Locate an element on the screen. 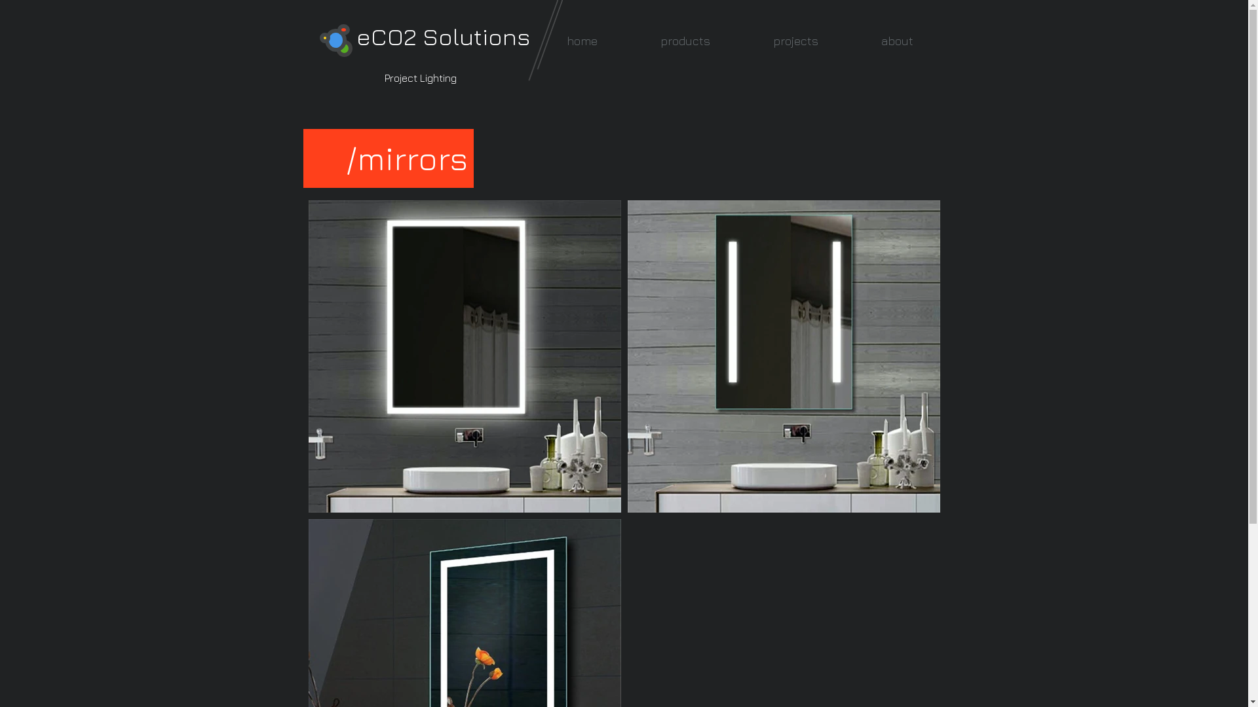 This screenshot has height=707, width=1258. 'about' is located at coordinates (896, 40).